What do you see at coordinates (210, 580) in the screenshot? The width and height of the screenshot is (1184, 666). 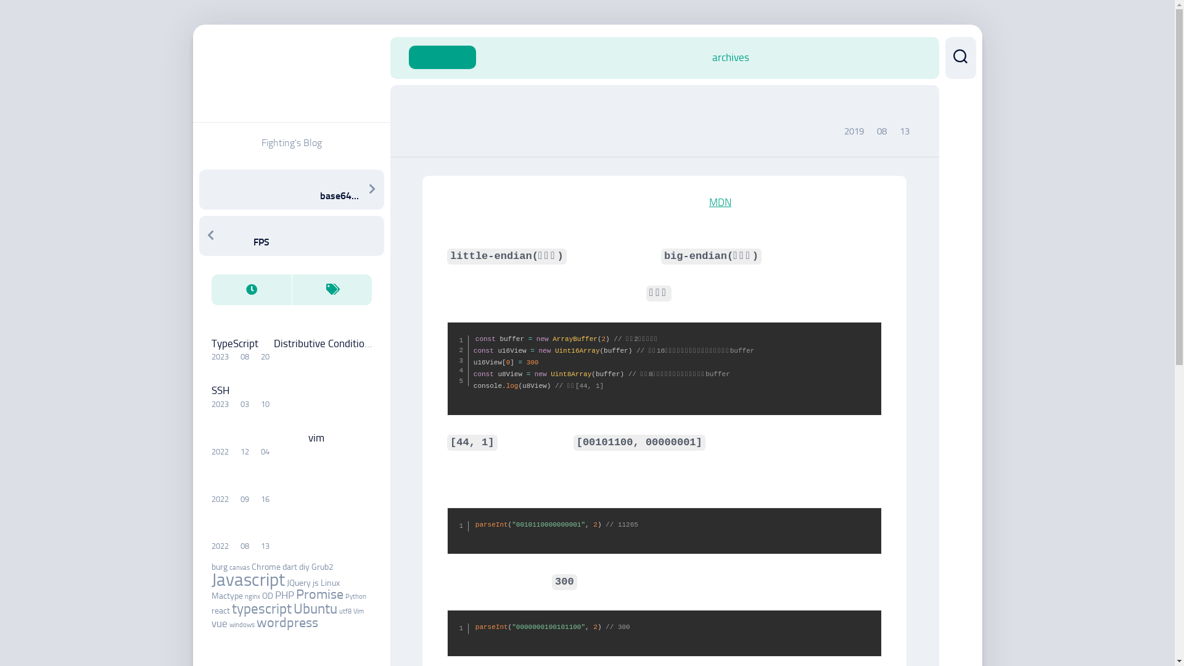 I see `'Javascript'` at bounding box center [210, 580].